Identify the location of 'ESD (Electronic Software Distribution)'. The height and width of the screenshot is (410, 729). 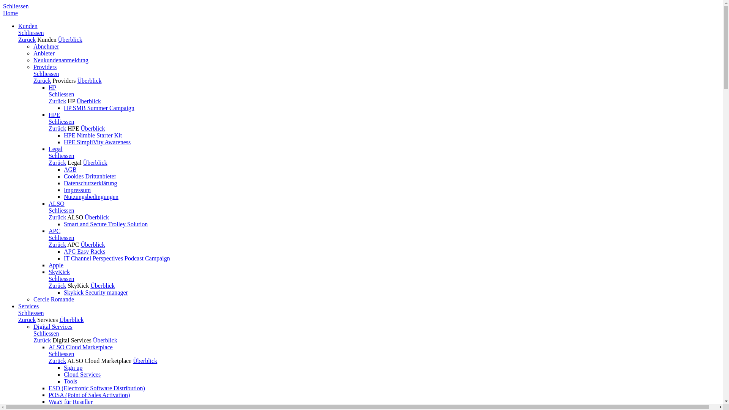
(96, 388).